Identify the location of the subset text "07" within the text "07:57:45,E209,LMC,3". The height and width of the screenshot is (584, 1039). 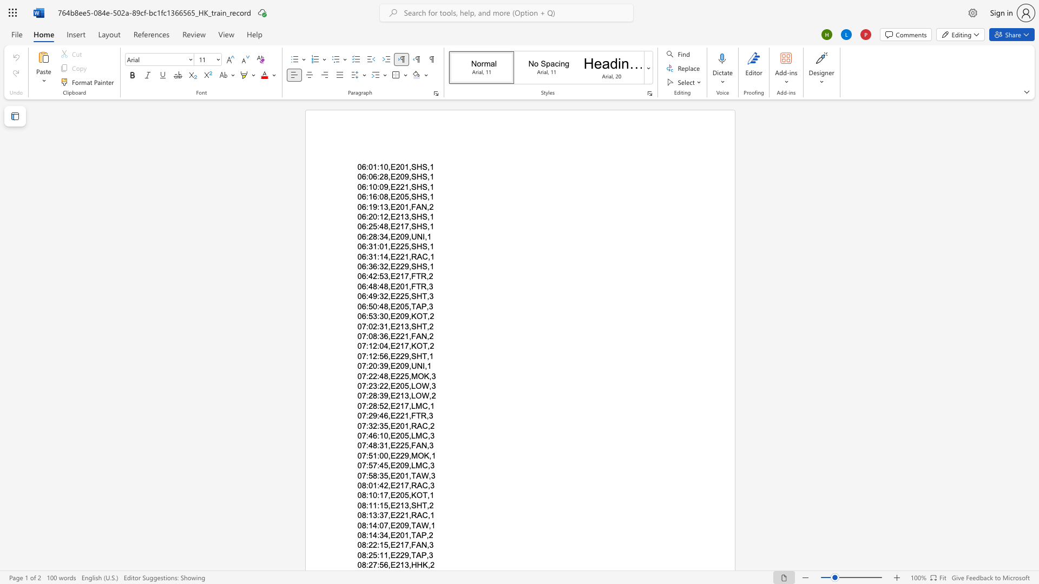
(357, 465).